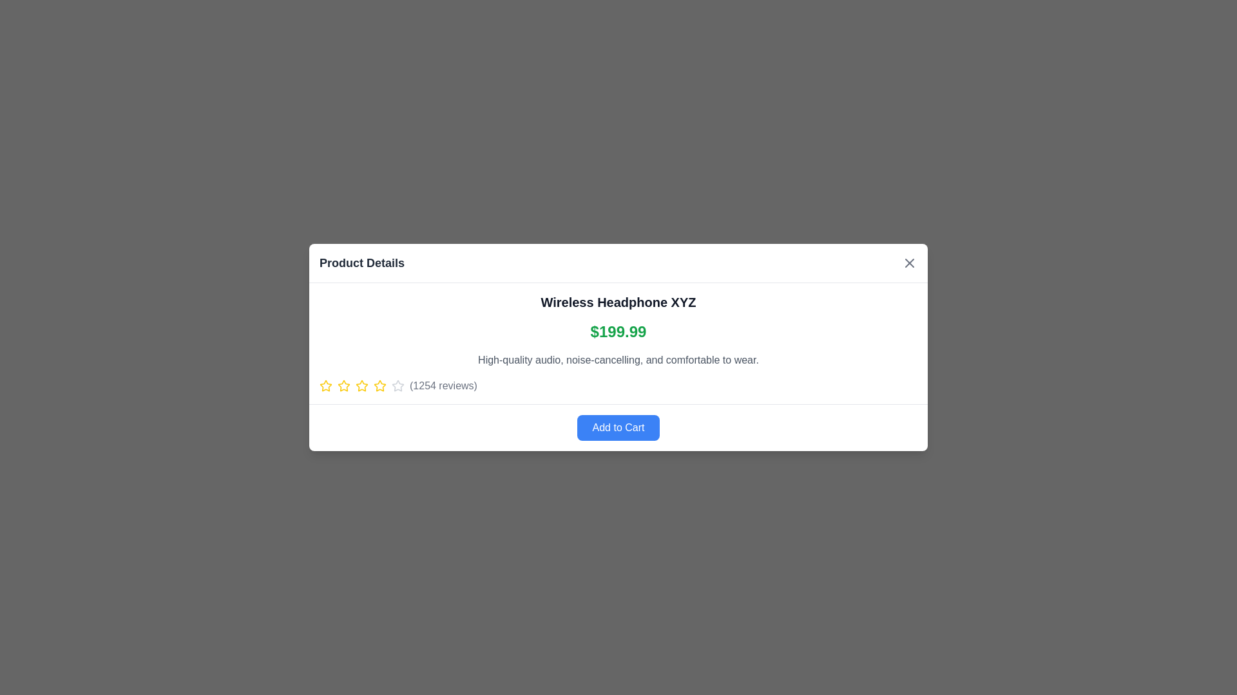 Image resolution: width=1237 pixels, height=695 pixels. What do you see at coordinates (618, 331) in the screenshot?
I see `price text displayed below the product title 'Wireless Headphone XYZ' in the product details dialog` at bounding box center [618, 331].